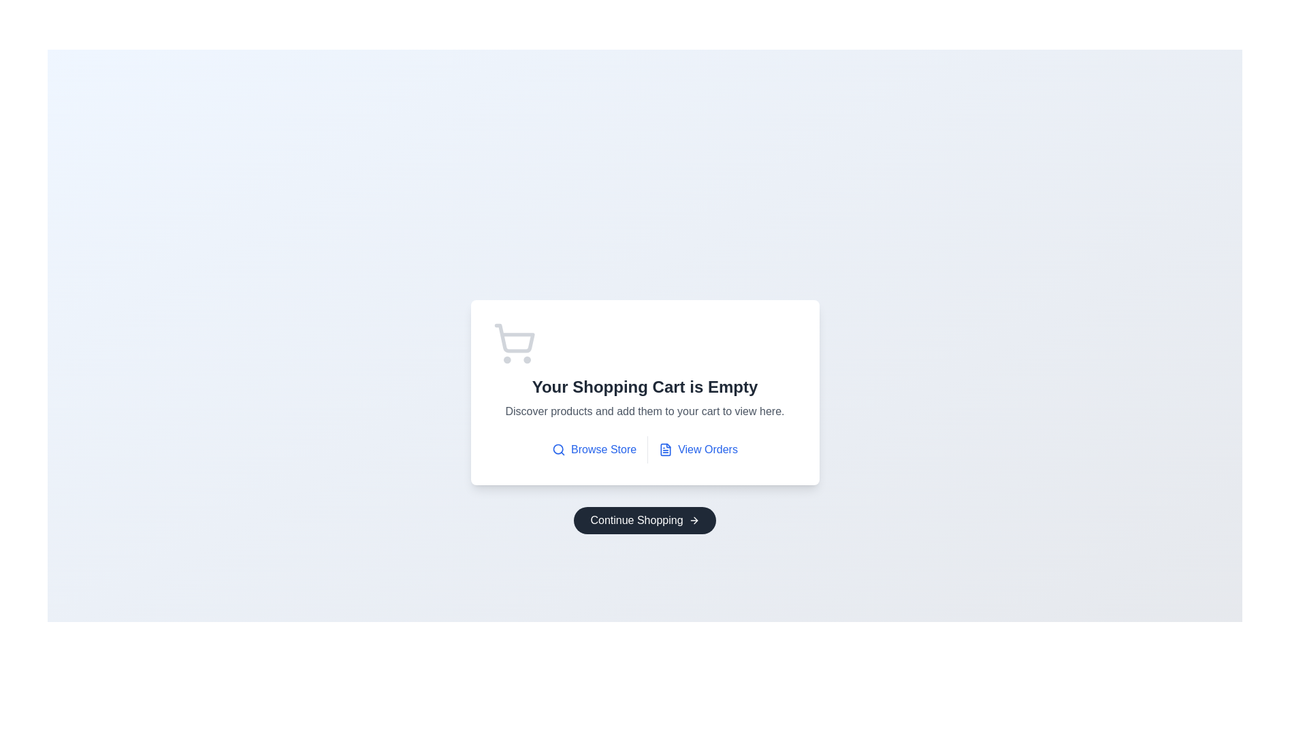  What do you see at coordinates (513, 343) in the screenshot?
I see `the shopping cart icon, which is a minimalistic line-art representation located at the top-left corner inside the card element titled 'Your Shopping Cart is Empty.'` at bounding box center [513, 343].